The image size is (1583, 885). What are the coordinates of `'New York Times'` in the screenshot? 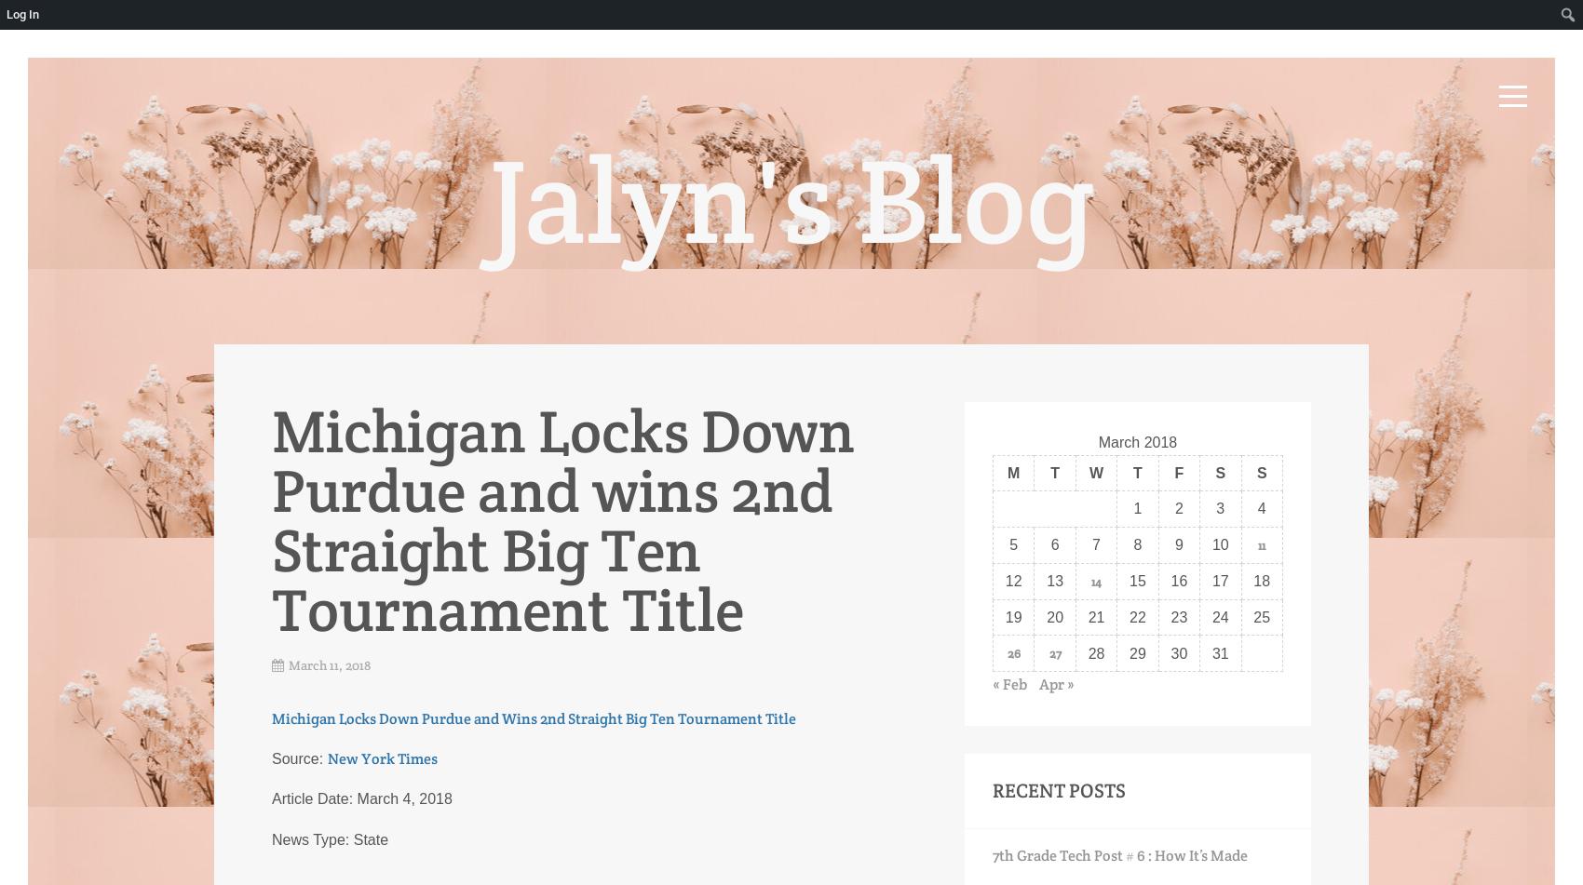 It's located at (381, 758).